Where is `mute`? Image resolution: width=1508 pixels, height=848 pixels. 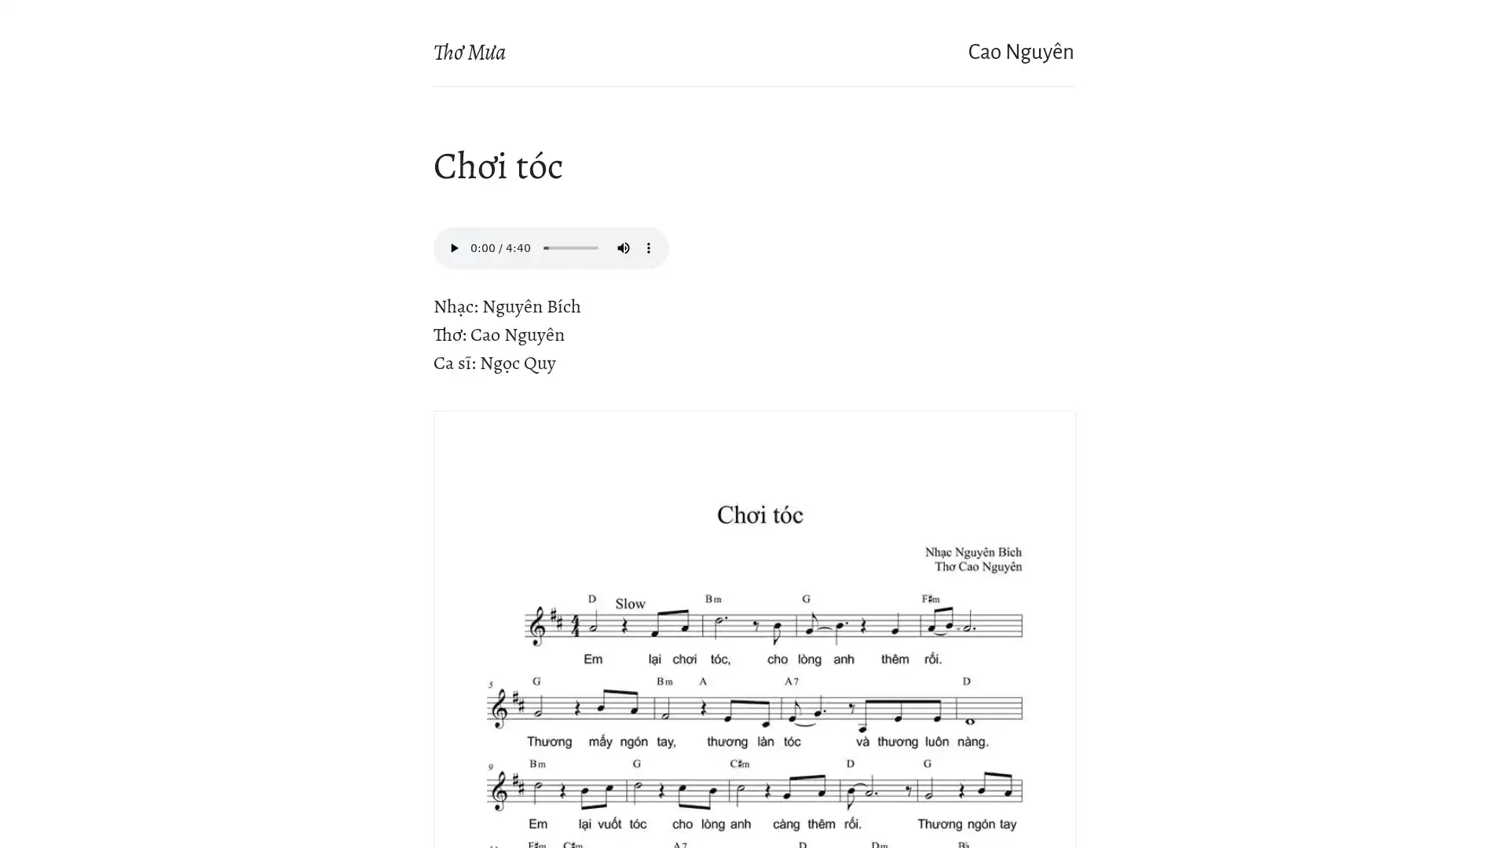
mute is located at coordinates (622, 247).